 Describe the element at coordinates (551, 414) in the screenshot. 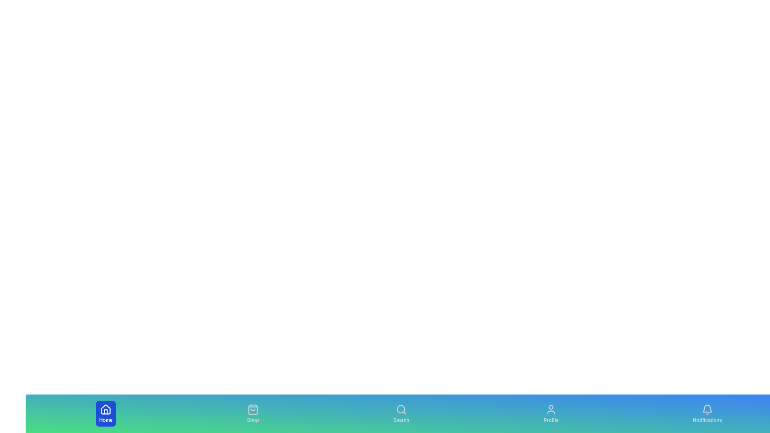

I see `the Profile tab to select it` at that location.